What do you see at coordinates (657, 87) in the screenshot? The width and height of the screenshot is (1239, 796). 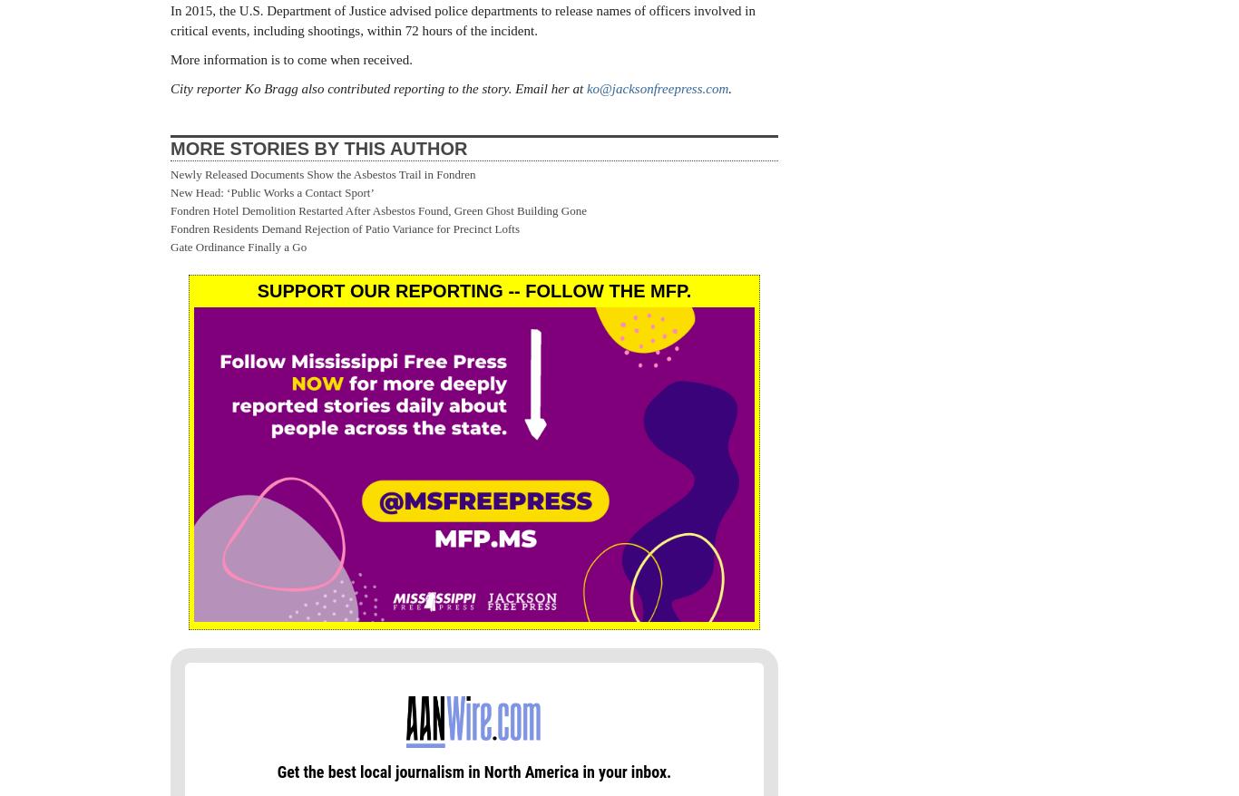 I see `'ko@jacksonfreepress.com'` at bounding box center [657, 87].